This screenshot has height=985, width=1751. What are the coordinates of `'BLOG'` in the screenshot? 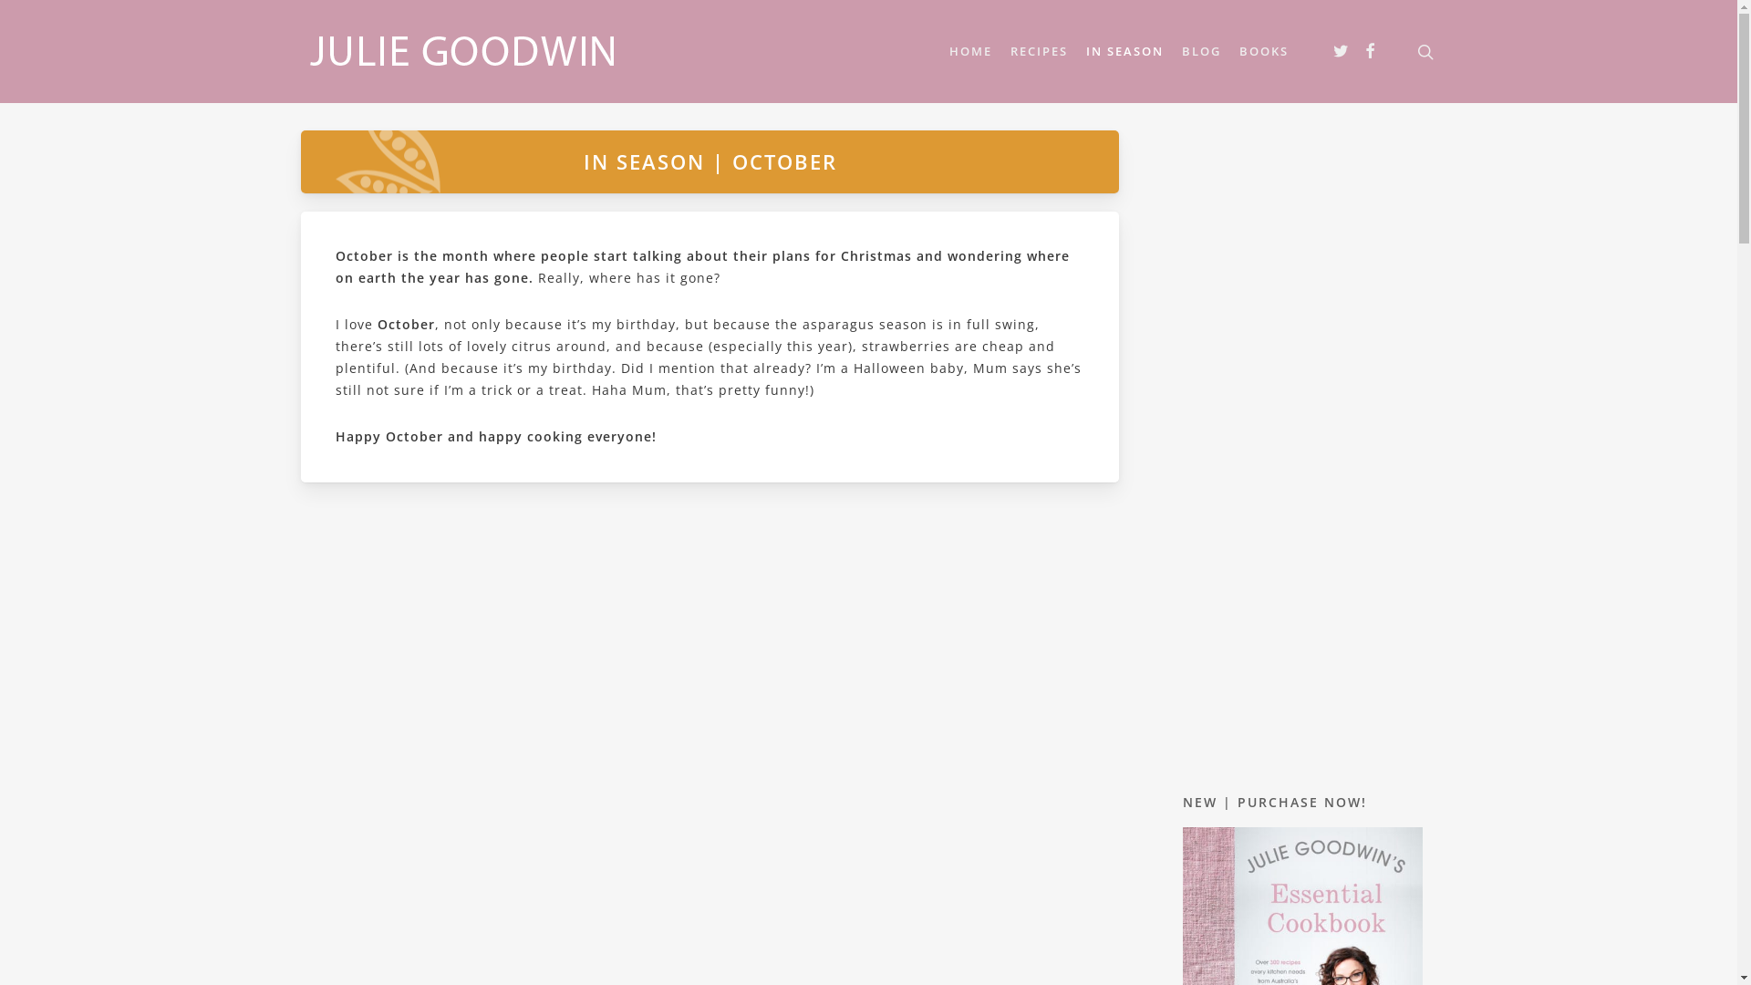 It's located at (1201, 50).